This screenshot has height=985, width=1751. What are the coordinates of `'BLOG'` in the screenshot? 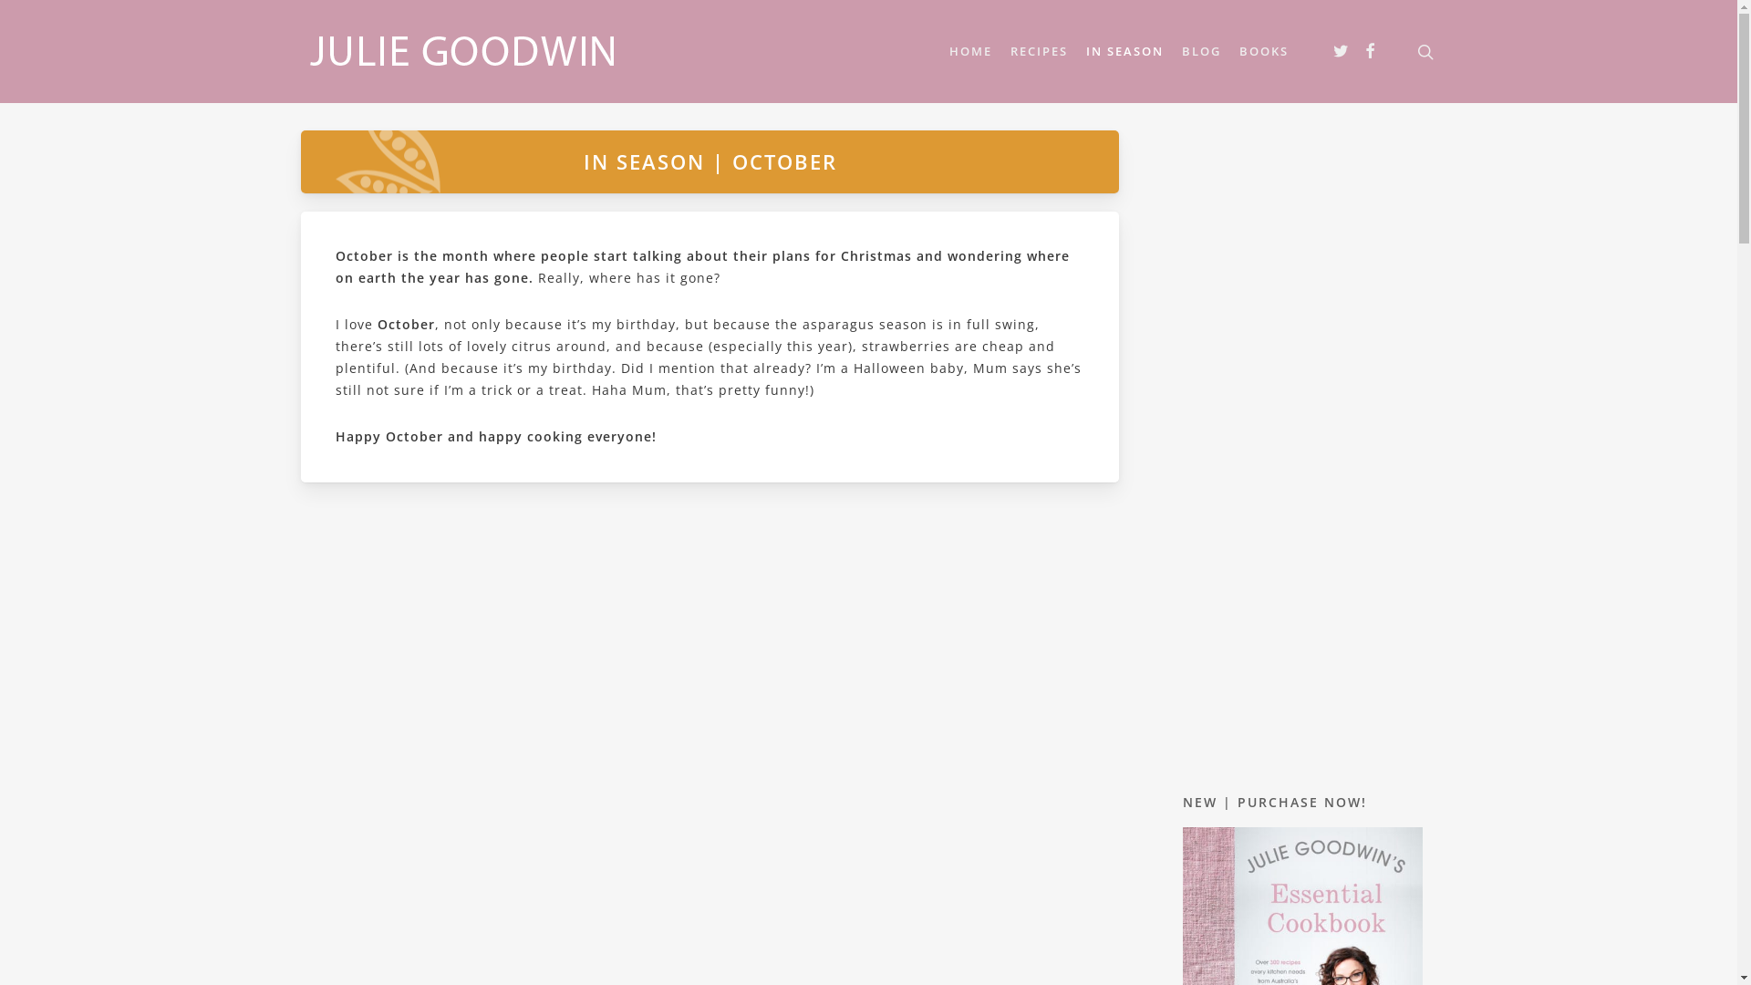 It's located at (1201, 50).